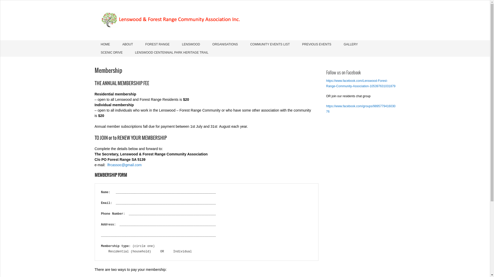 This screenshot has height=277, width=494. I want to click on 'ORGANISATIONS', so click(225, 44).